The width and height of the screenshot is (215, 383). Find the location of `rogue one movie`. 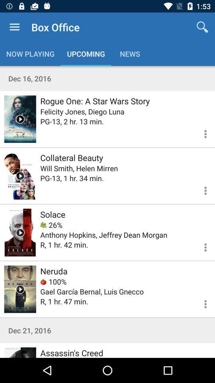

rogue one movie is located at coordinates (20, 118).